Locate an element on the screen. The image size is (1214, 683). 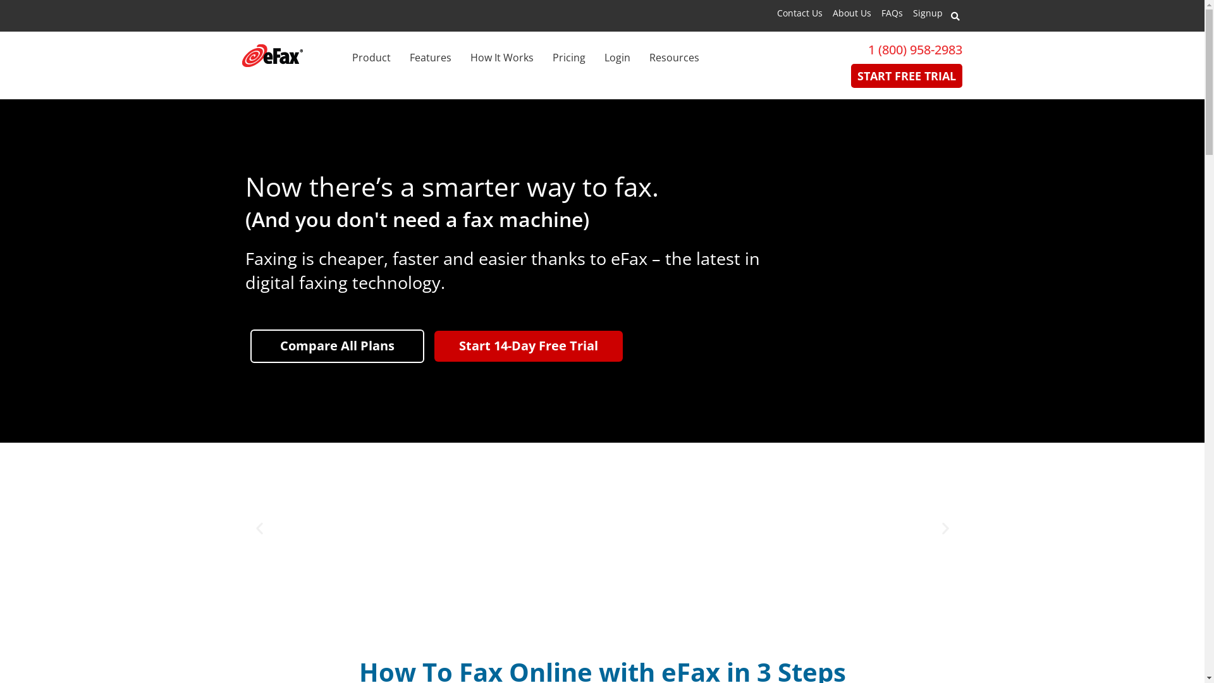
'Resources' is located at coordinates (673, 58).